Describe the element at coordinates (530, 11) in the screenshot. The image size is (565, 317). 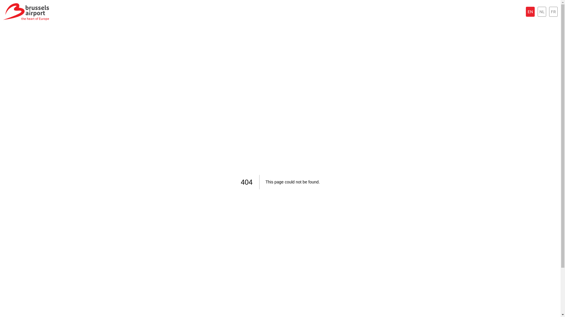
I see `'EN'` at that location.